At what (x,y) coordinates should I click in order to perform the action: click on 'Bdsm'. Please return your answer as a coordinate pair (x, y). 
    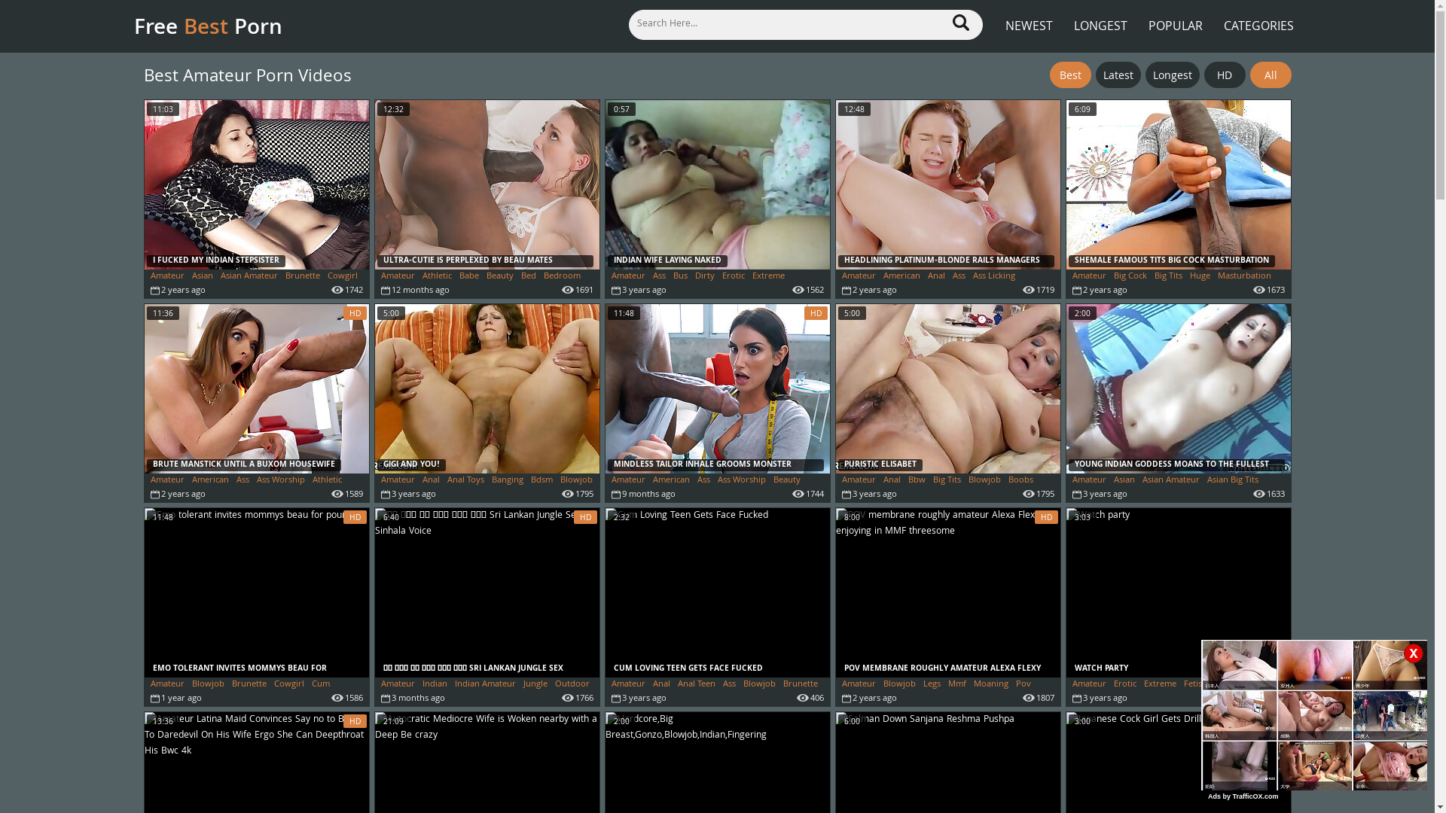
    Looking at the image, I should click on (530, 480).